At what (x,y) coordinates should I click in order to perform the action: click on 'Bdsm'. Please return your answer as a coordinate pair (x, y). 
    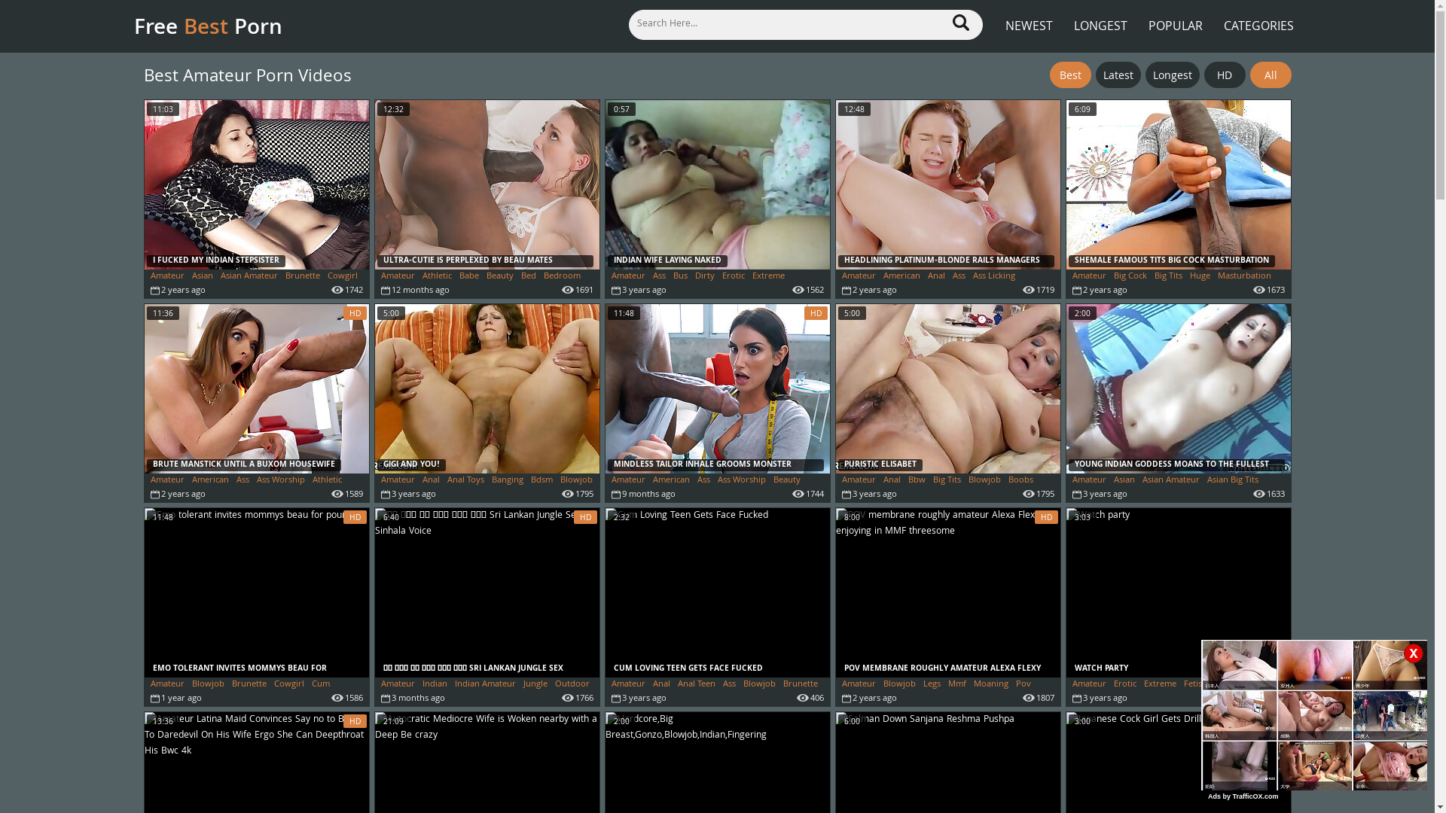
    Looking at the image, I should click on (530, 480).